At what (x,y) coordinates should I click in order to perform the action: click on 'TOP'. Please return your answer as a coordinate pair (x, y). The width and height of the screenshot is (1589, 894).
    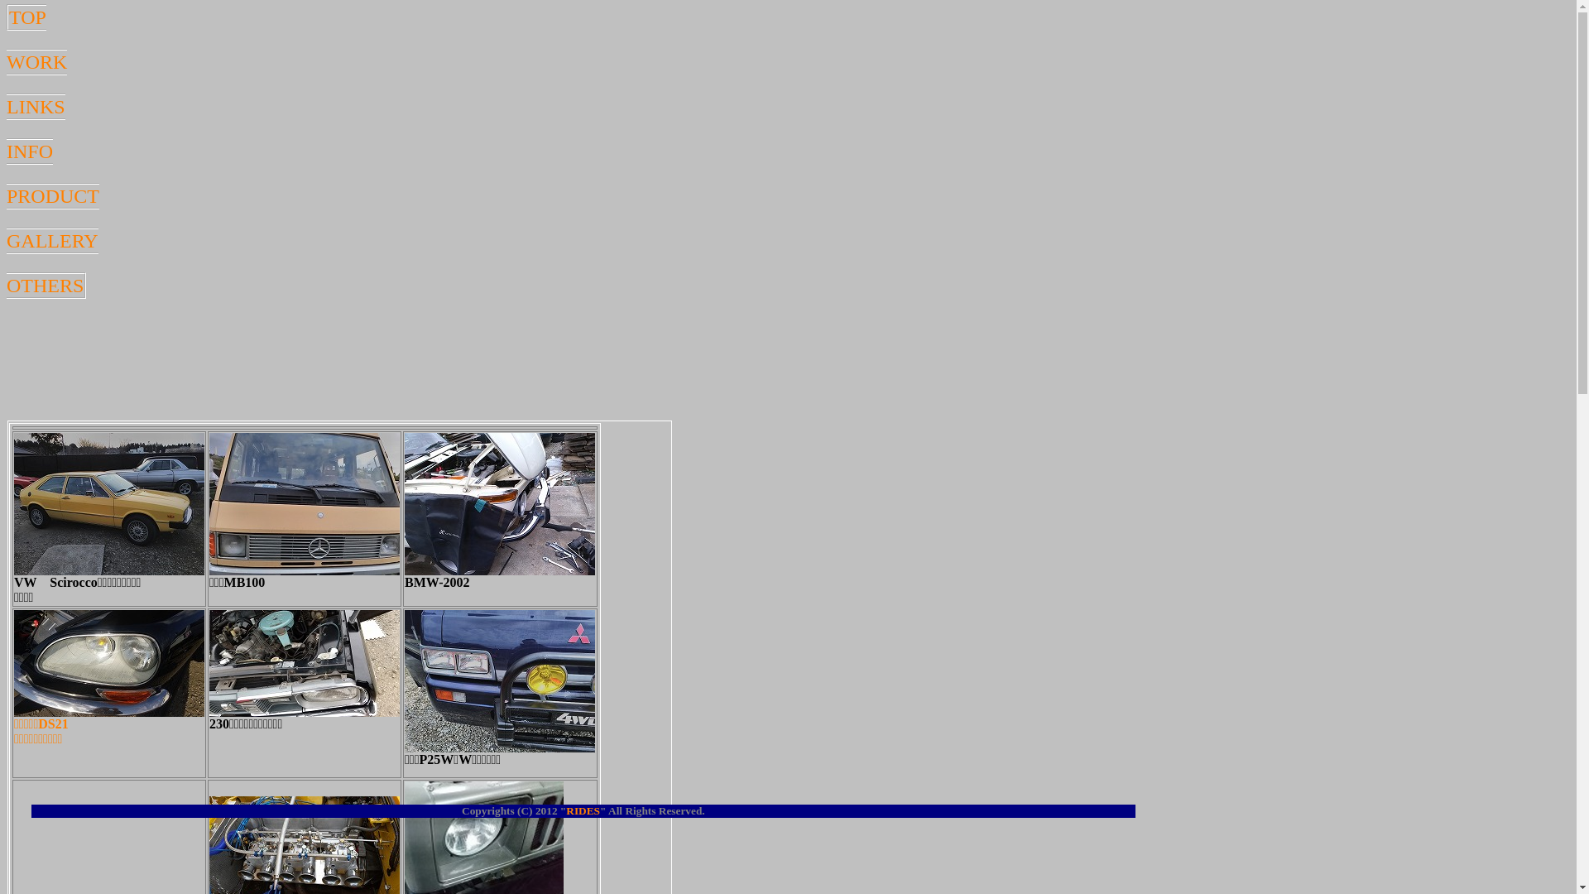
    Looking at the image, I should click on (27, 17).